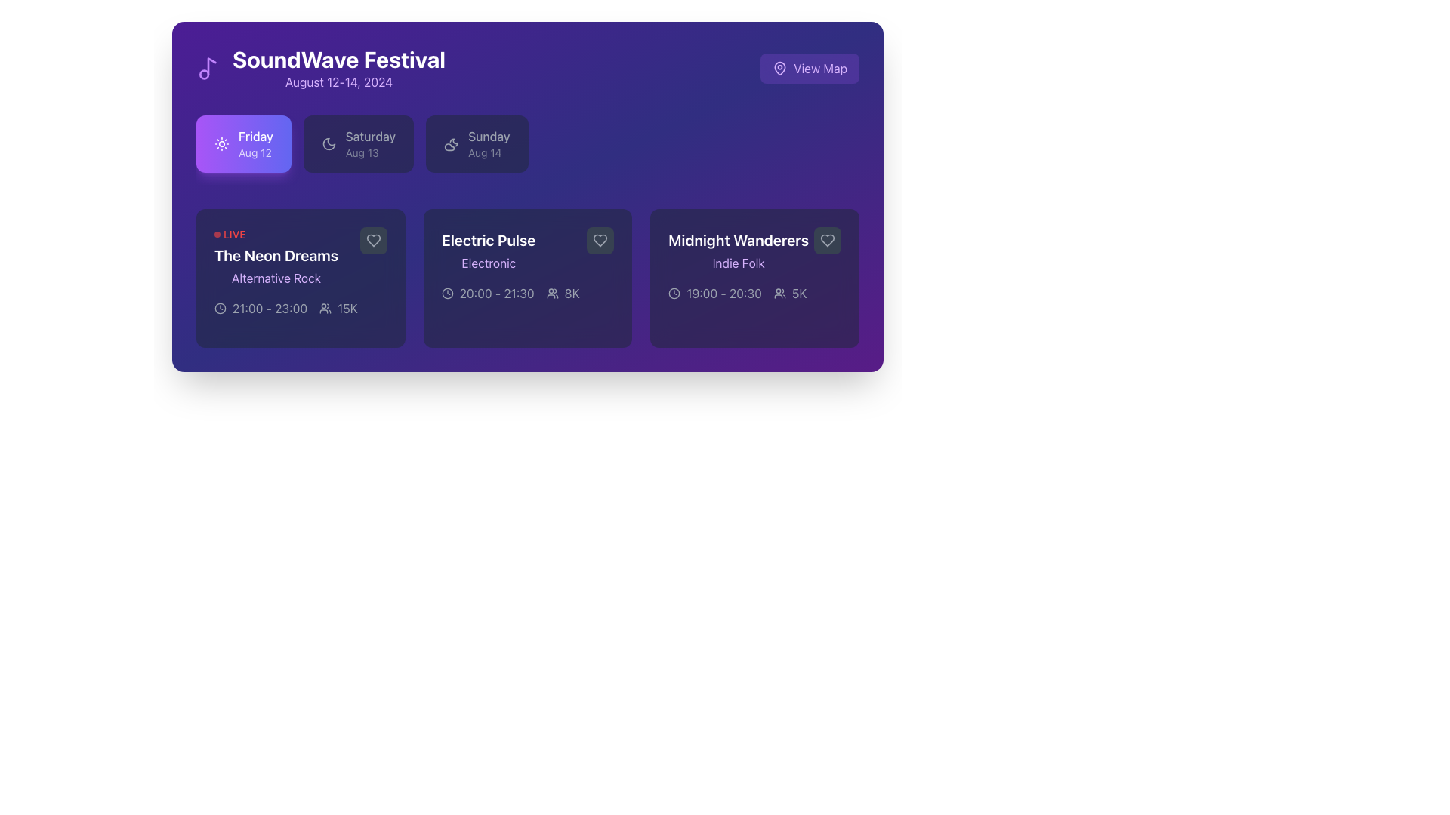 This screenshot has width=1450, height=815. I want to click on text content of the label element titled 'Midnight Wanderers' with the subtitle 'Indie Folk', located in the middle section of the card, so click(754, 249).